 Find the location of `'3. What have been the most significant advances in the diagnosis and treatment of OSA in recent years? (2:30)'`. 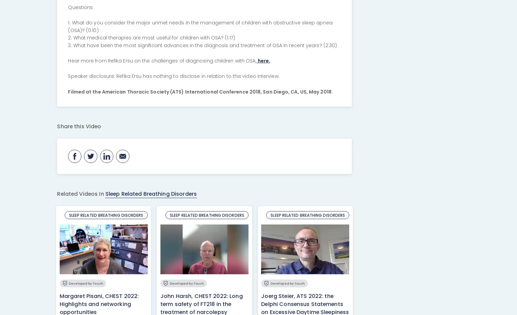

'3. What have been the most significant advances in the diagnosis and treatment of OSA in recent years? (2:30)' is located at coordinates (202, 45).